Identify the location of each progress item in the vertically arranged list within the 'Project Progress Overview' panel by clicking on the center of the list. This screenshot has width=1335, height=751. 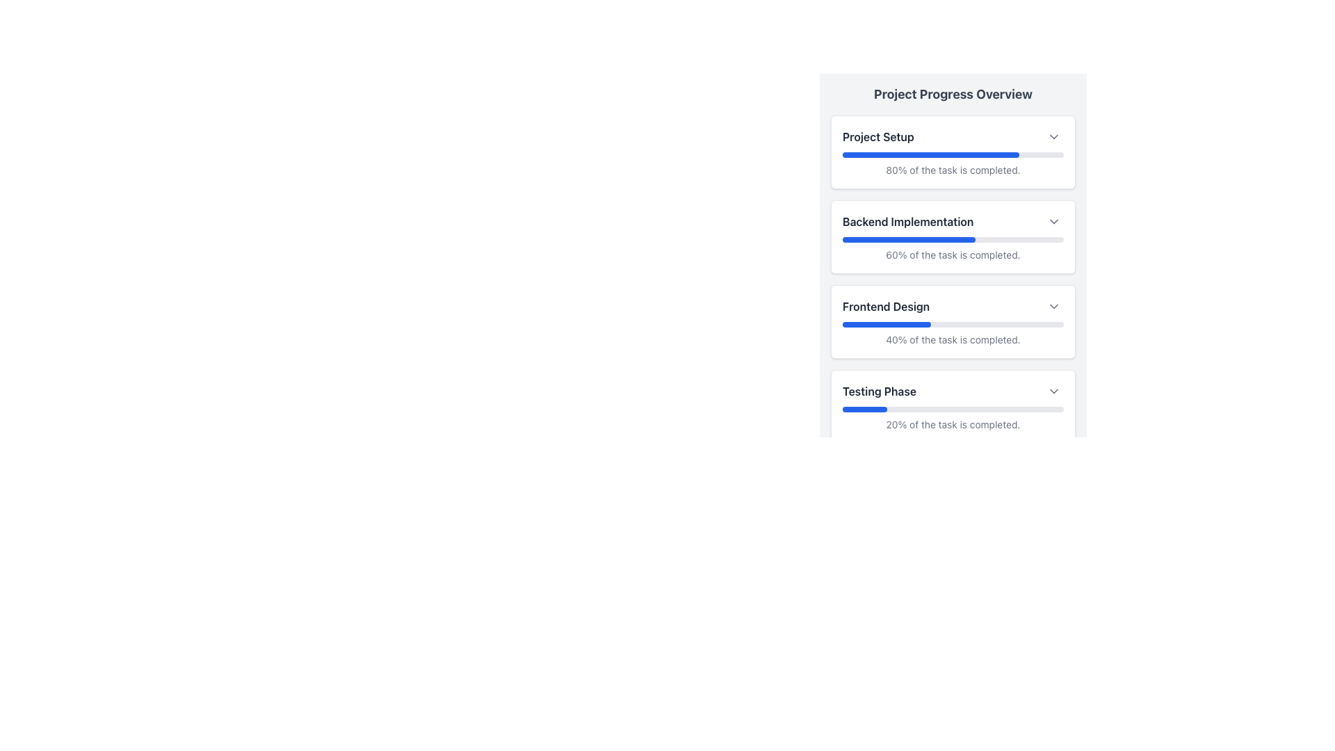
(953, 279).